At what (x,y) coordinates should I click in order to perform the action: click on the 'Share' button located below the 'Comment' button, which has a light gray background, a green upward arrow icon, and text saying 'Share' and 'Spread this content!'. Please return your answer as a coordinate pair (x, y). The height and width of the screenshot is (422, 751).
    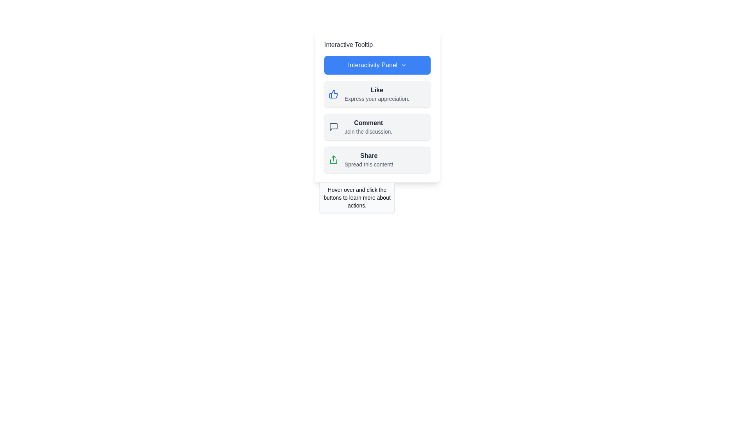
    Looking at the image, I should click on (377, 159).